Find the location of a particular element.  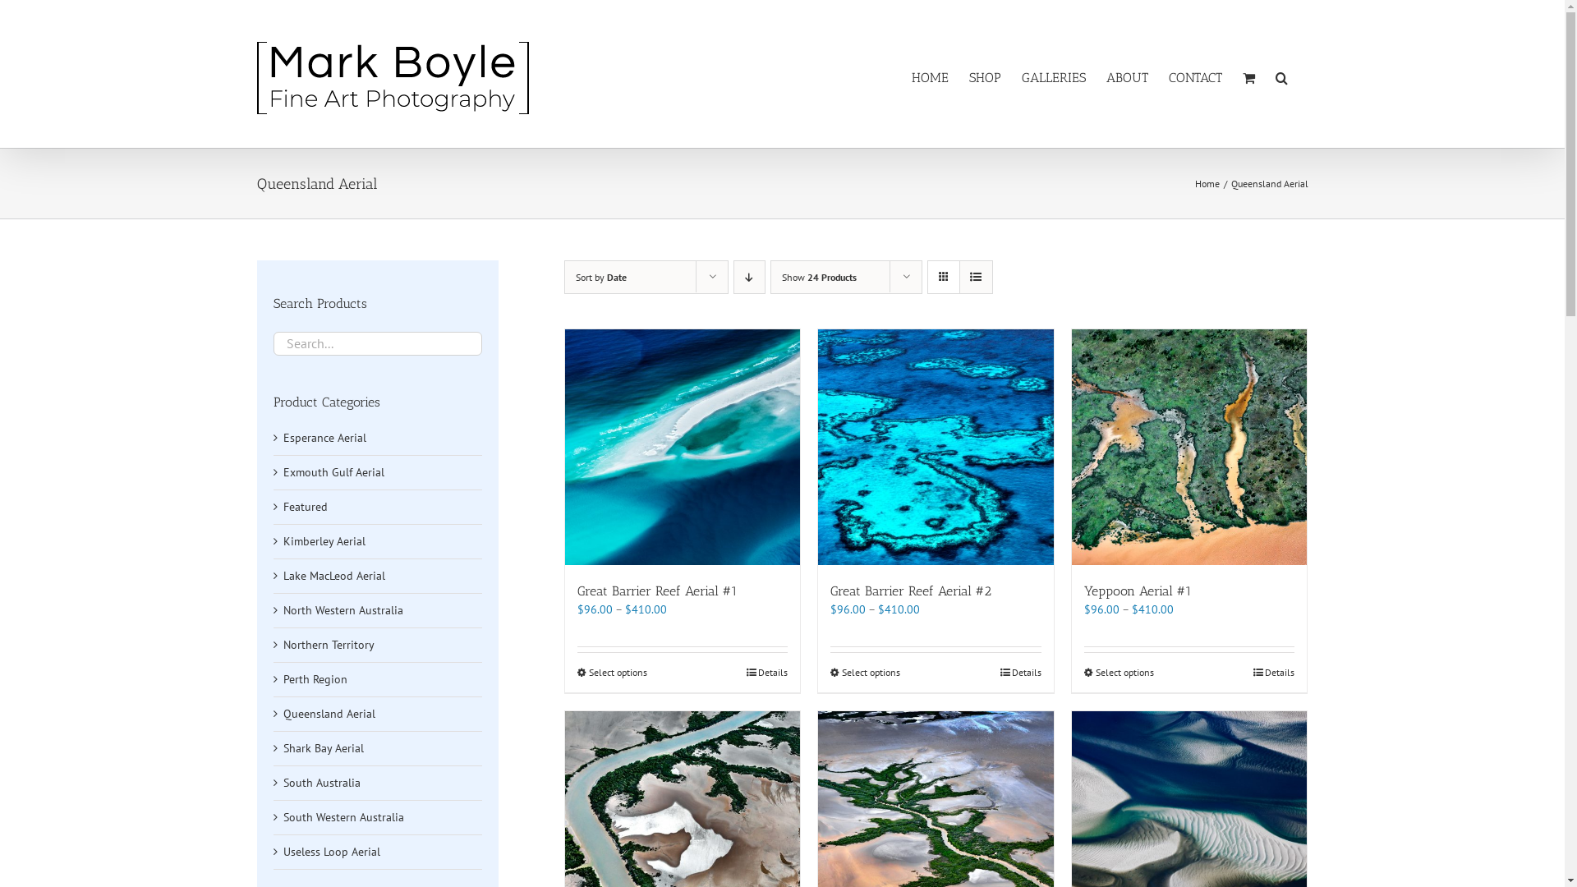

'HOME' is located at coordinates (930, 78).